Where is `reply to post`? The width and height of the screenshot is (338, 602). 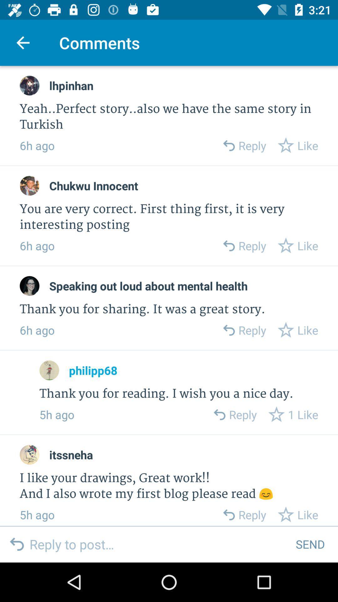
reply to post is located at coordinates (157, 544).